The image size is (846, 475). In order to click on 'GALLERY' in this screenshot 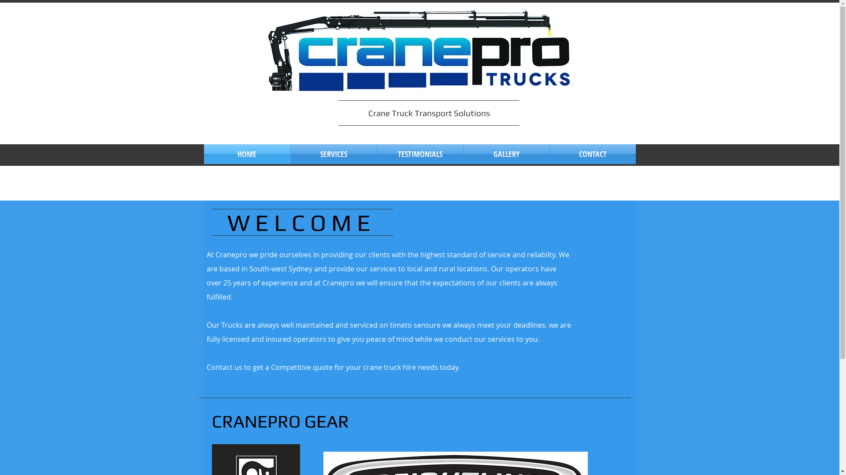, I will do `click(506, 153)`.